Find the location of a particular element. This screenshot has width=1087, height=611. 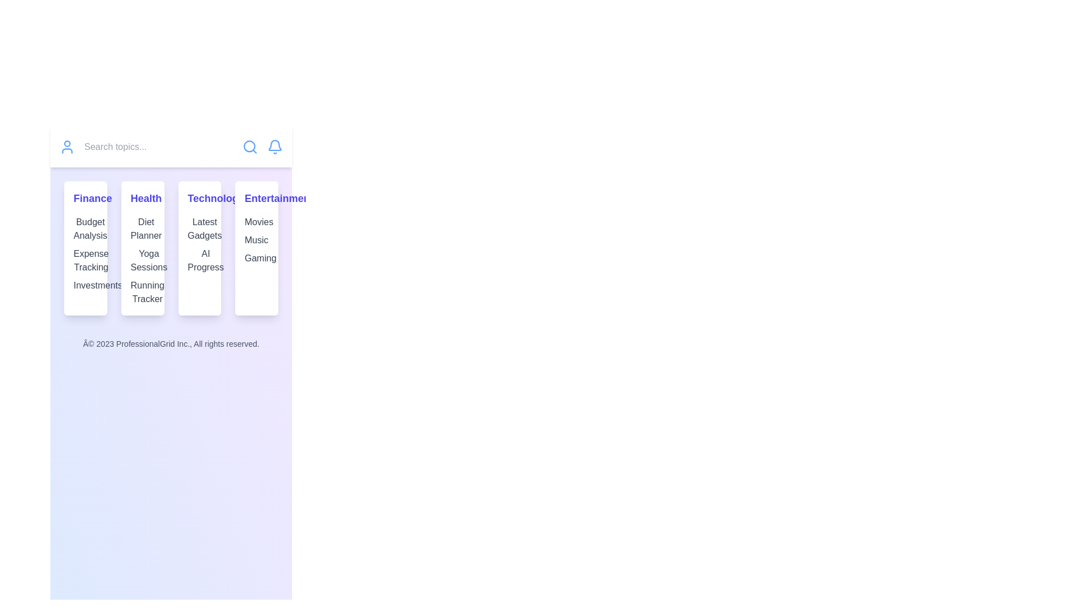

the 'Budget Analysis' text label, which is the first item in the vertical list under the 'Finance' category, styled in gray font is located at coordinates (85, 229).